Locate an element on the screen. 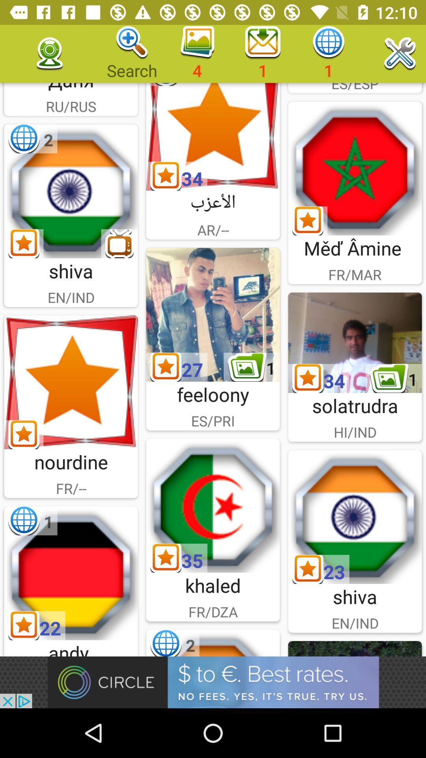 This screenshot has height=758, width=426. solatrudra is located at coordinates (354, 343).